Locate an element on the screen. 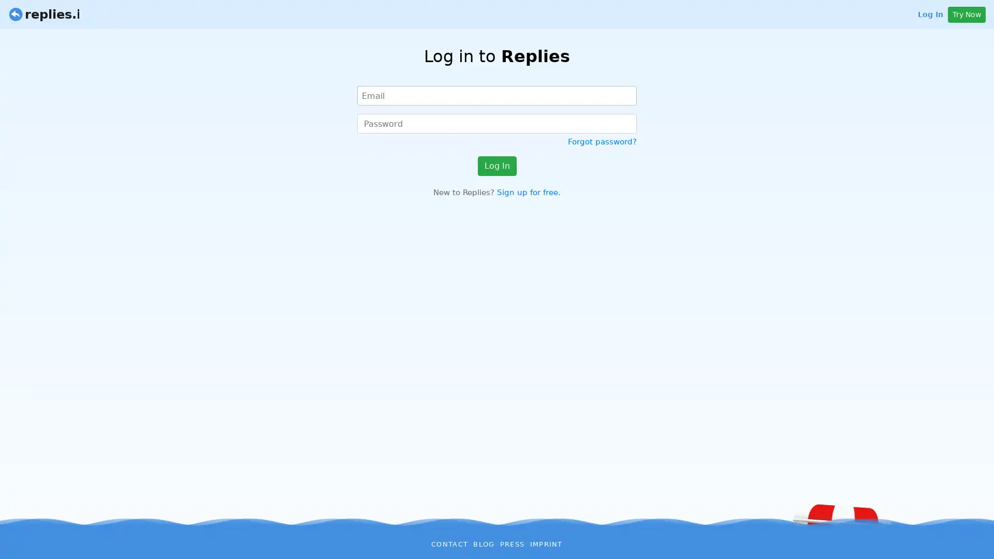 The width and height of the screenshot is (994, 559). Log In is located at coordinates (496, 165).